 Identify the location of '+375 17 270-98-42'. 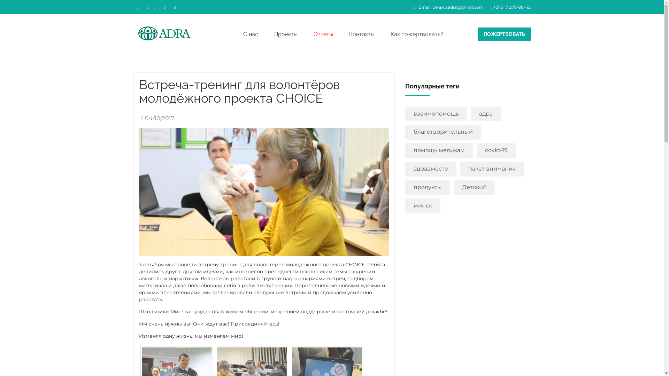
(508, 7).